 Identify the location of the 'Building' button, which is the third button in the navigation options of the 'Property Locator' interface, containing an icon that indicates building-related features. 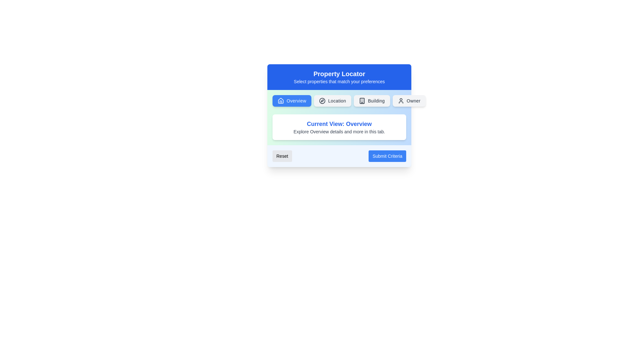
(362, 101).